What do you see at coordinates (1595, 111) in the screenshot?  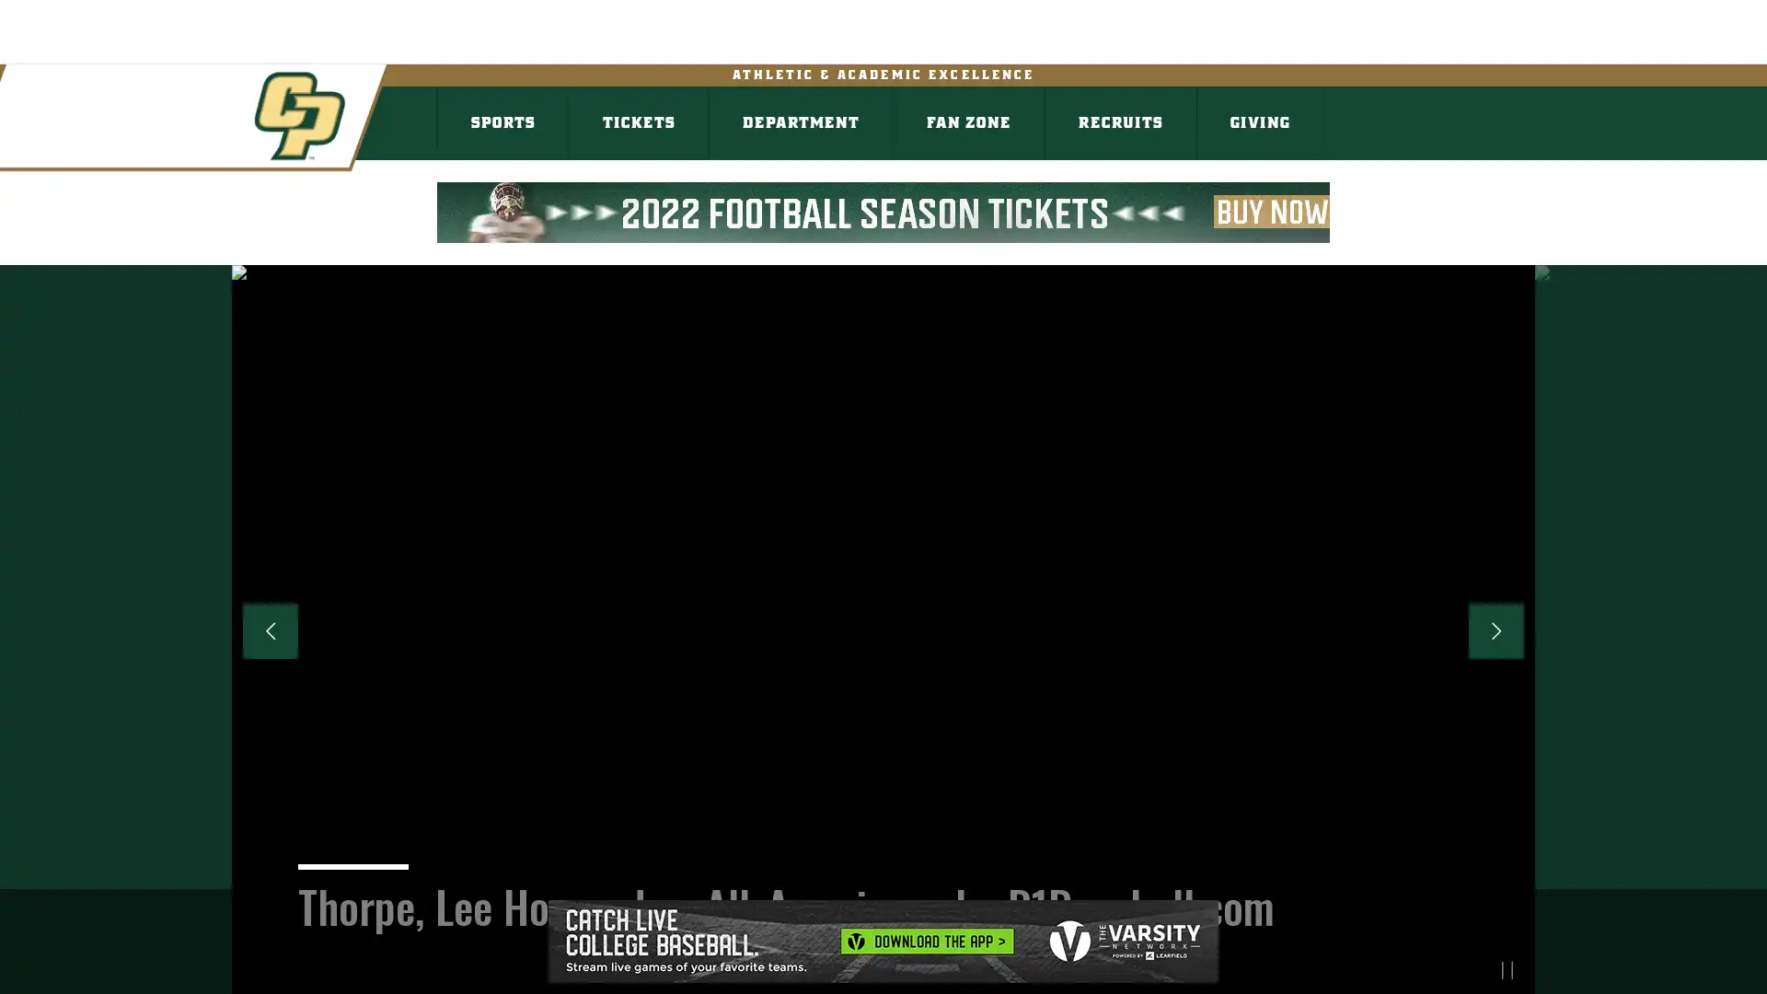 I see `Close video modal` at bounding box center [1595, 111].